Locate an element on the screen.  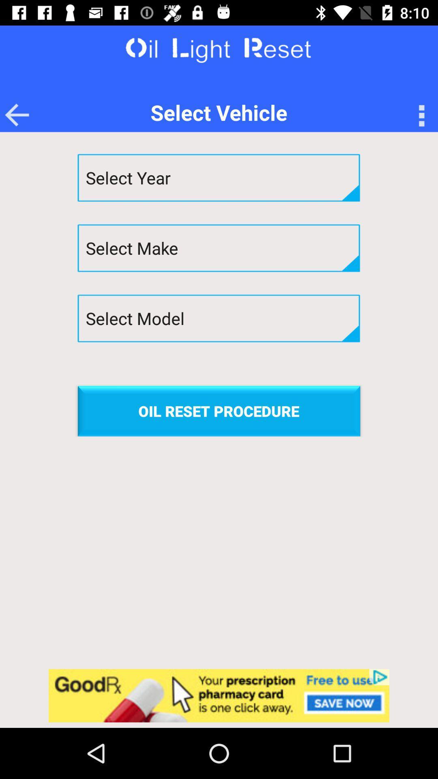
the arrow_backward icon is located at coordinates (17, 114).